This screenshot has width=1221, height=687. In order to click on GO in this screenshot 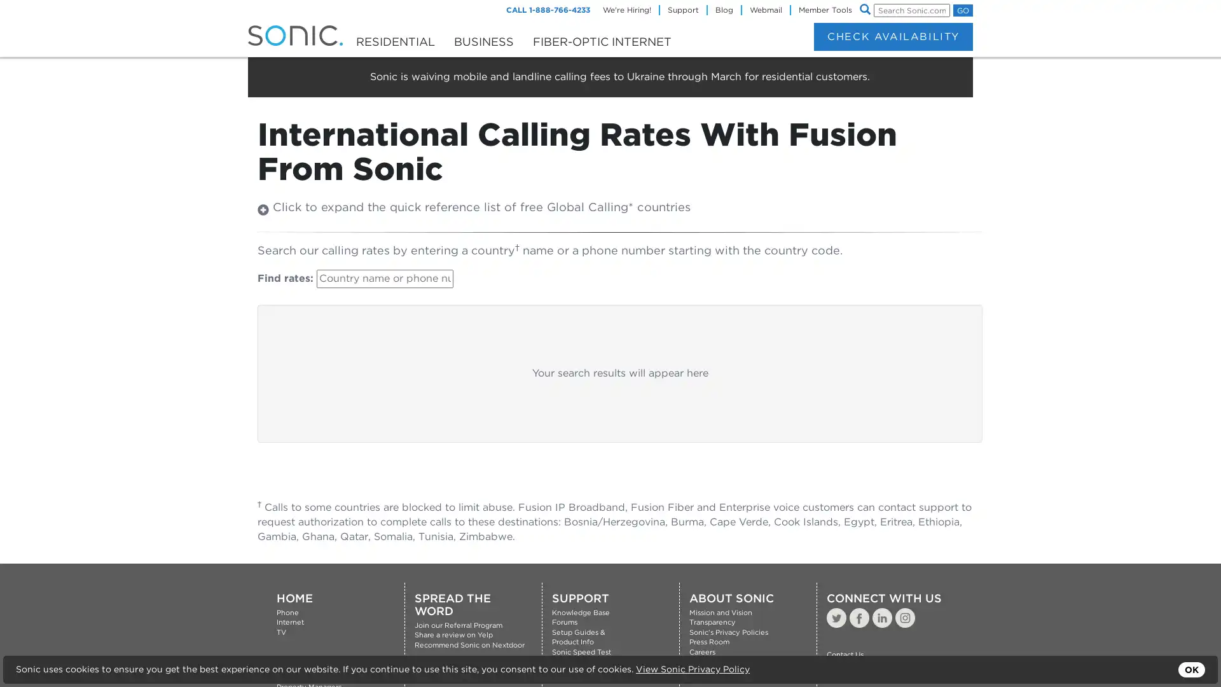, I will do `click(963, 10)`.